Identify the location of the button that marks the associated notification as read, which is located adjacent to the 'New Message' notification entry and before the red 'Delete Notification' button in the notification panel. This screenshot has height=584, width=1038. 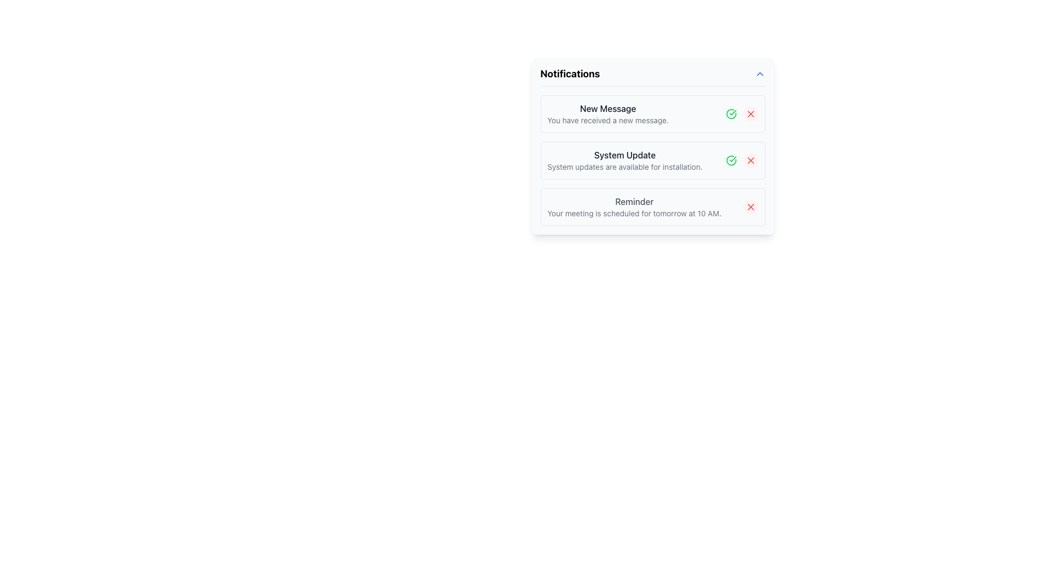
(731, 114).